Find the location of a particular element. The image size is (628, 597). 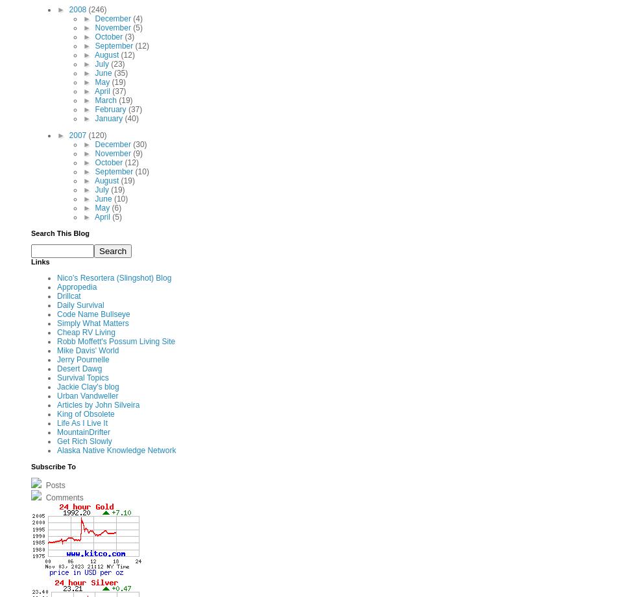

'Articles by John Silveira' is located at coordinates (56, 404).